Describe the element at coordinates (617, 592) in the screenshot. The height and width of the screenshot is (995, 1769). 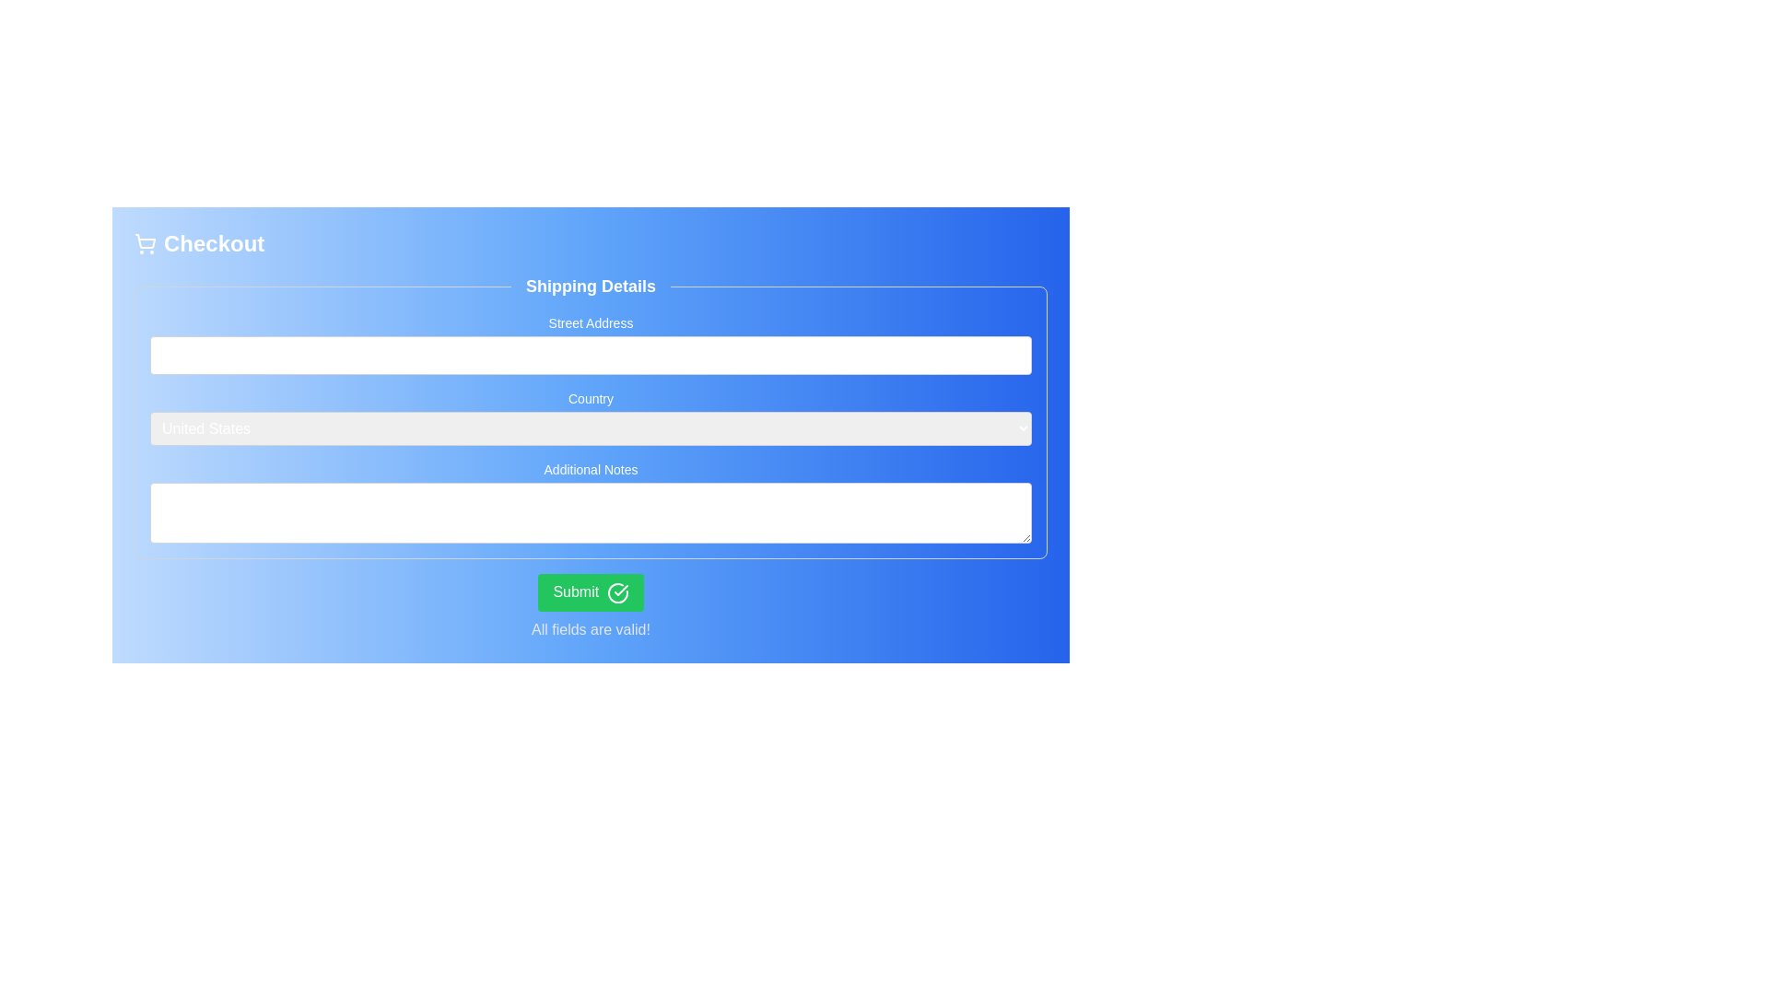
I see `the 'Submit' button which contains a green checkmark icon at its right end, positioned near the center right area of the button` at that location.